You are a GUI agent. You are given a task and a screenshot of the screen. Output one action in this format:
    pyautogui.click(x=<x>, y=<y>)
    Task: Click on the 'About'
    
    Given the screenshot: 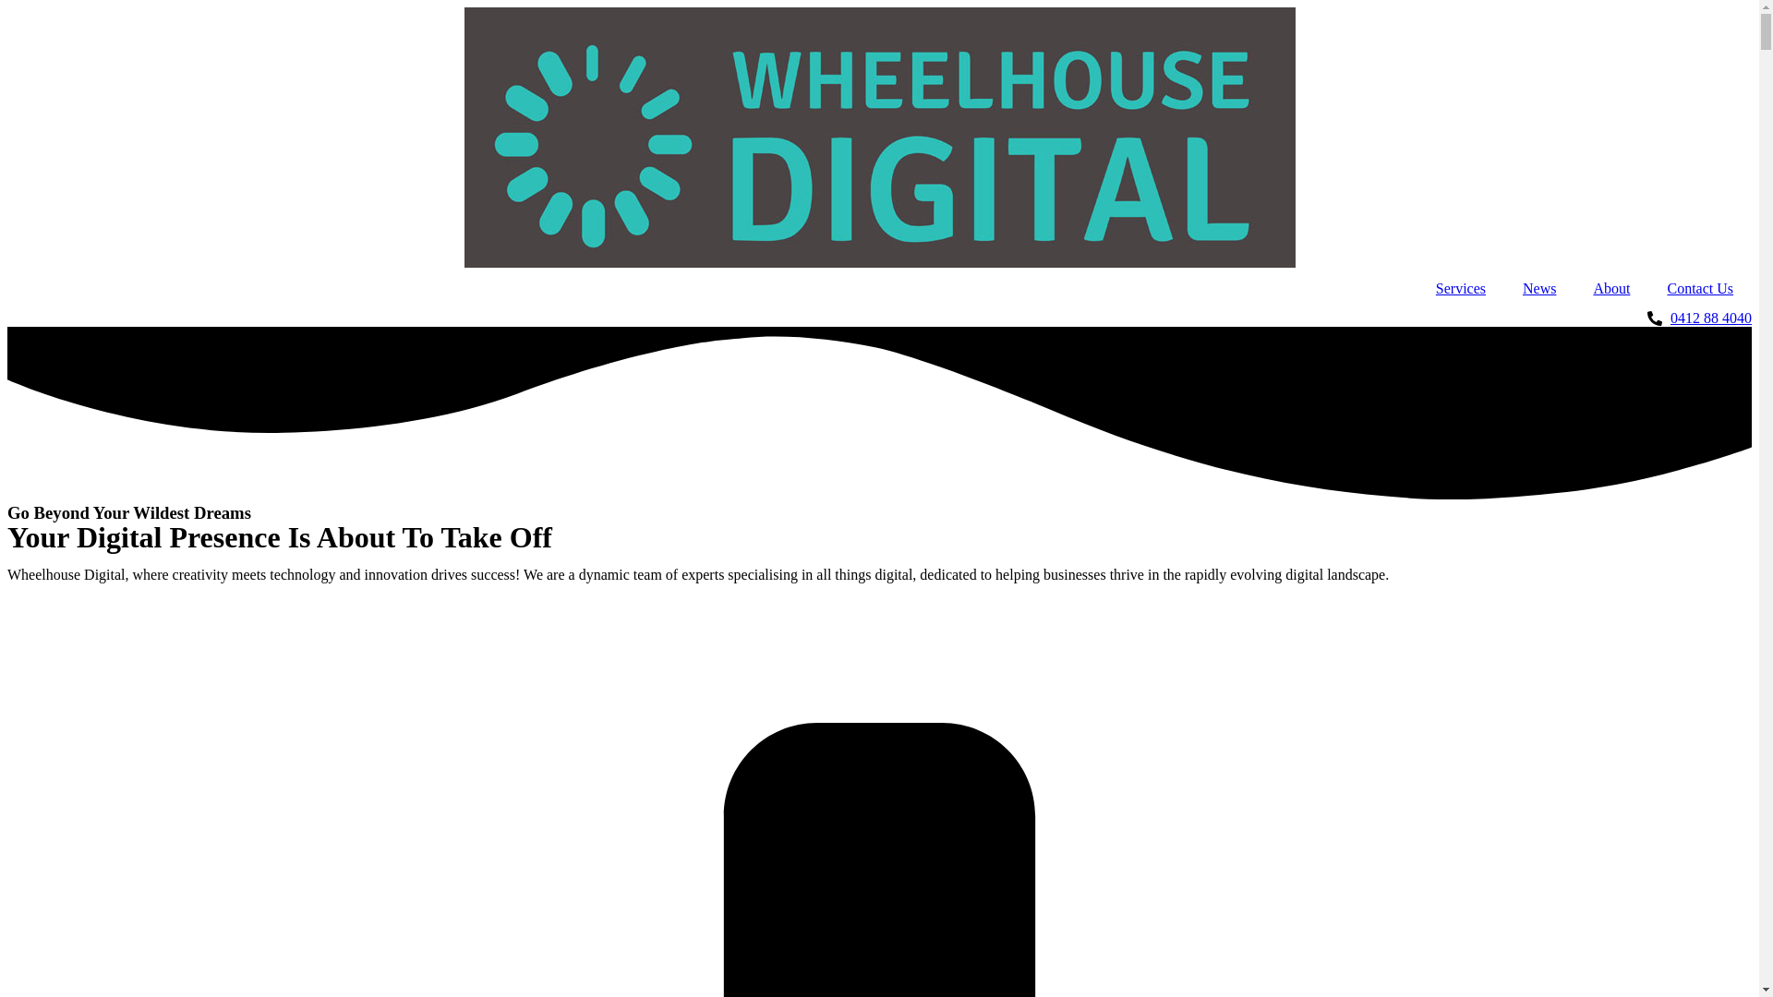 What is the action you would take?
    pyautogui.click(x=1610, y=288)
    